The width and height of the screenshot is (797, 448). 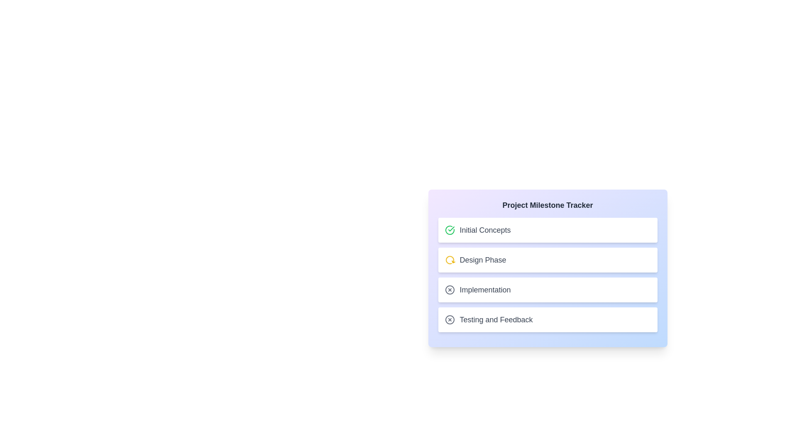 What do you see at coordinates (449, 260) in the screenshot?
I see `the activity indicator icon located to the left of the 'Design Phase' milestone entry in the tracker list` at bounding box center [449, 260].